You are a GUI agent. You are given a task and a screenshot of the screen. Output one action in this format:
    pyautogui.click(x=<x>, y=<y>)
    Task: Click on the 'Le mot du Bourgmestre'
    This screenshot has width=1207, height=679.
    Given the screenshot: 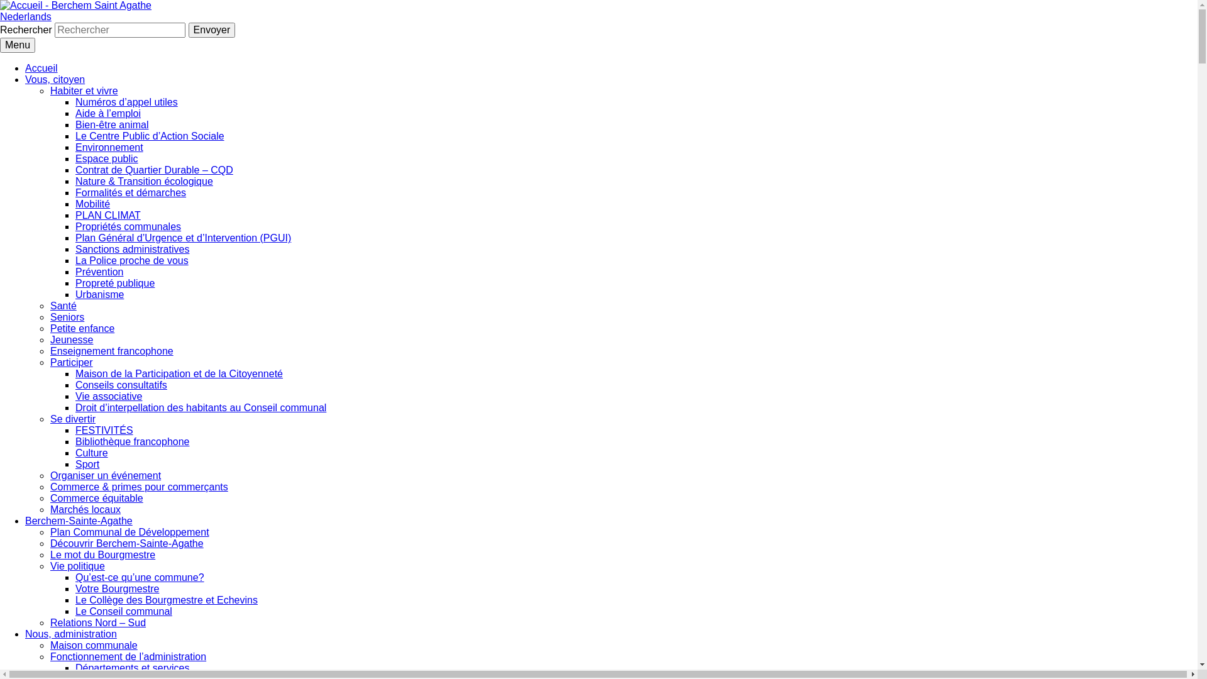 What is the action you would take?
    pyautogui.click(x=102, y=554)
    